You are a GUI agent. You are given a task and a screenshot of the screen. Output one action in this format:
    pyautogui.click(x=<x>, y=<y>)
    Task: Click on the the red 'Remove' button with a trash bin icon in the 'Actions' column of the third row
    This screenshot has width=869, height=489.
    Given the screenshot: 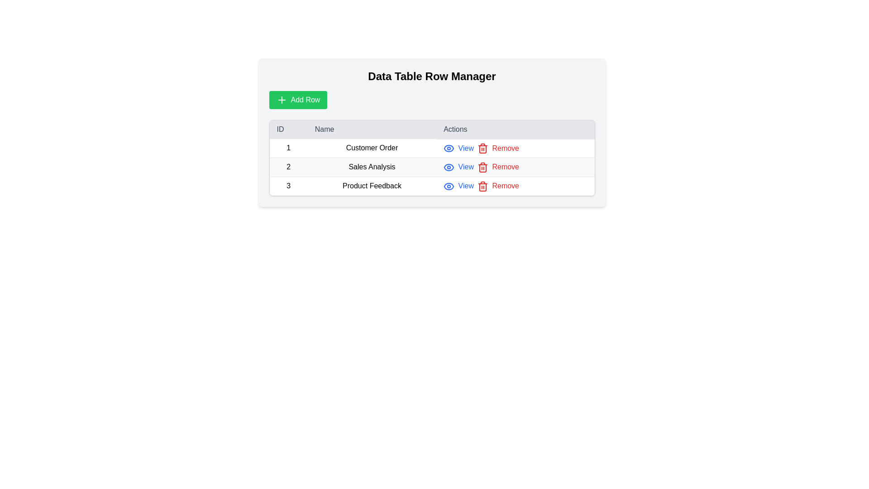 What is the action you would take?
    pyautogui.click(x=497, y=186)
    